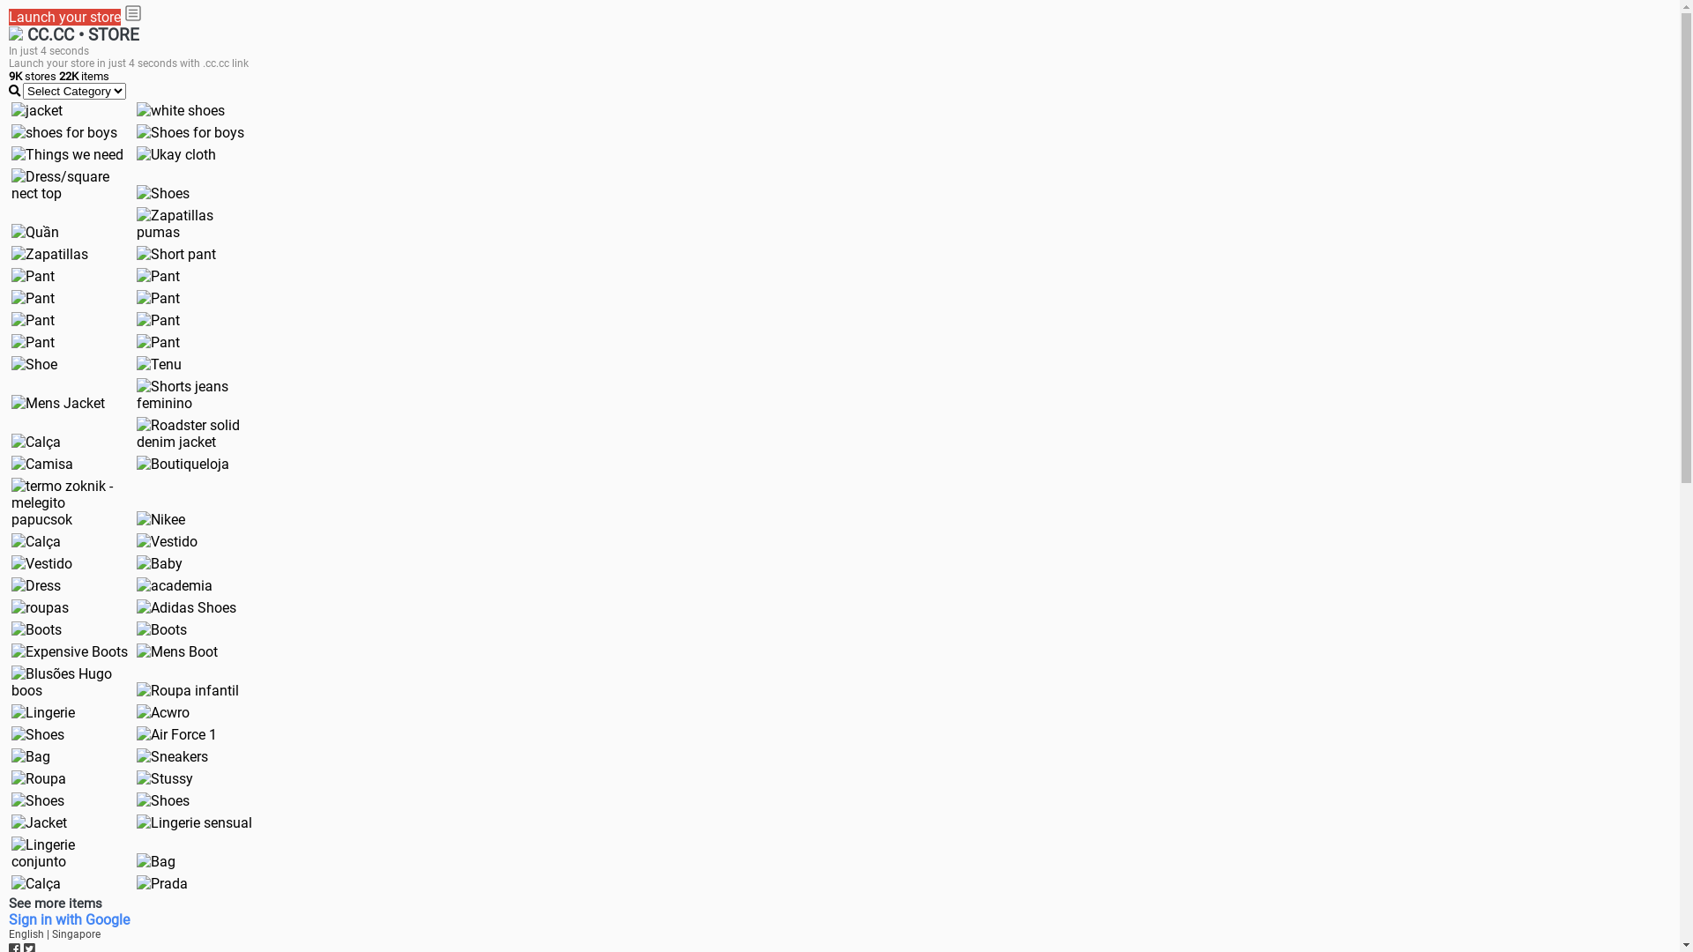 This screenshot has width=1693, height=952. Describe the element at coordinates (11, 297) in the screenshot. I see `'Pant'` at that location.